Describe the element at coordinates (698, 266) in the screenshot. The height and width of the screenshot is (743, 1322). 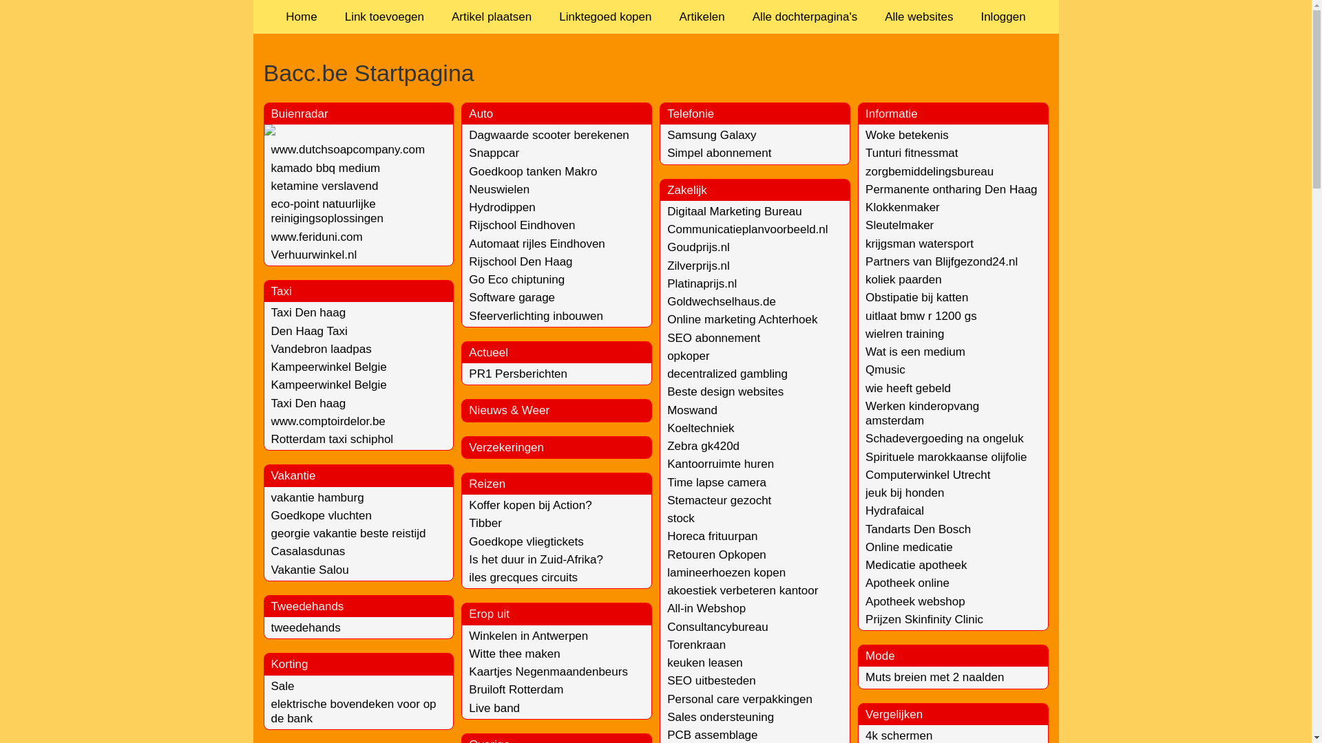
I see `'Zilverprijs.nl'` at that location.